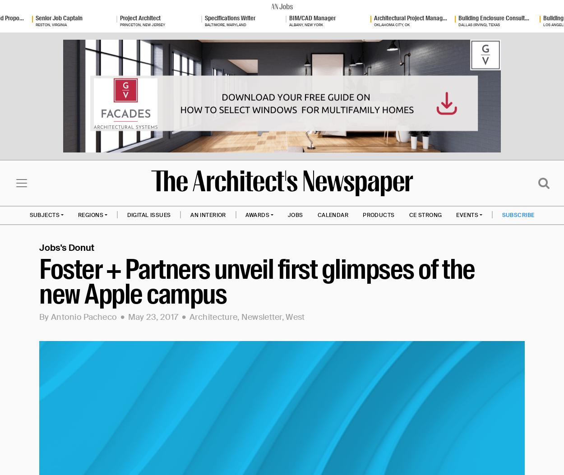 This screenshot has width=564, height=475. What do you see at coordinates (50, 24) in the screenshot?
I see `'Reston, Virginia'` at bounding box center [50, 24].